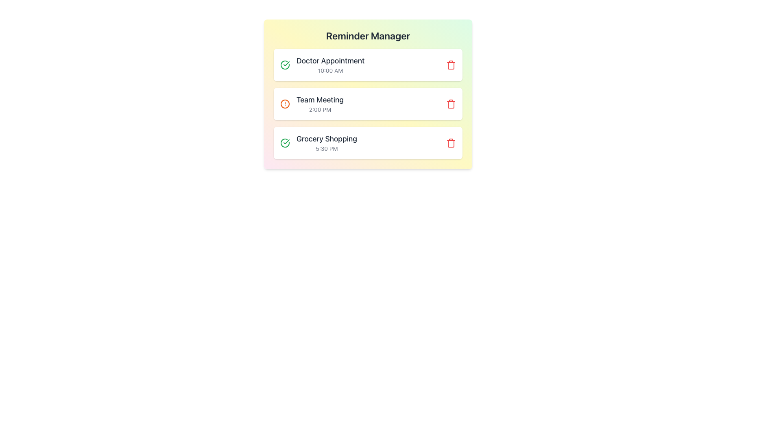  I want to click on the Checkmark SVG icon indicating the completion status of the 'Doctor Appointment' task, located in the upper-left quadrant of the reminder manager interface, so click(286, 141).